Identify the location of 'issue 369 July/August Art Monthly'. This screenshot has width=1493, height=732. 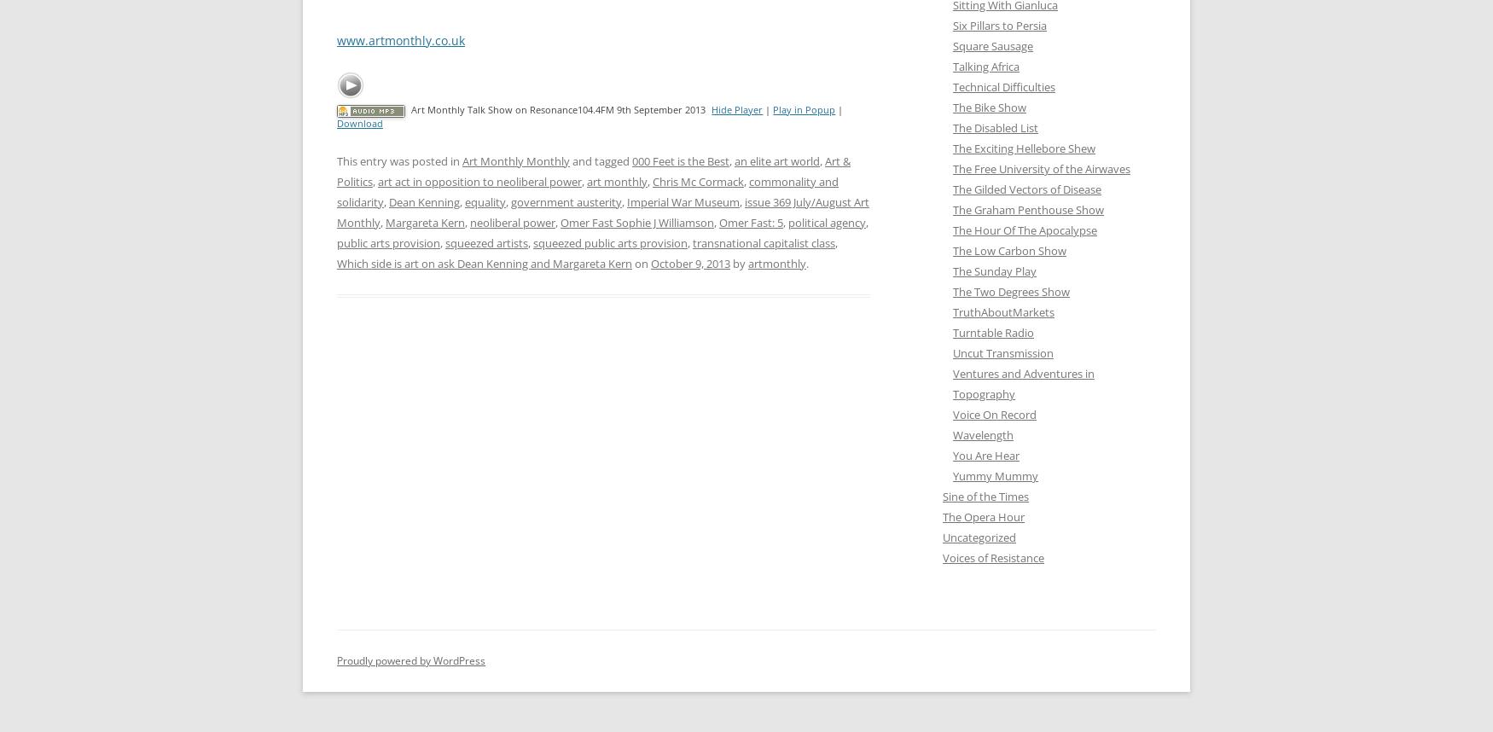
(335, 210).